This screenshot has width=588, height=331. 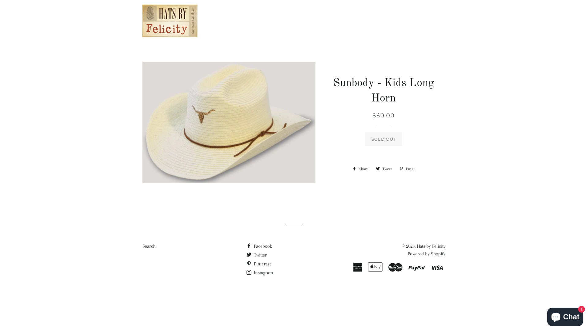 I want to click on 'SOLD OUT', so click(x=365, y=139).